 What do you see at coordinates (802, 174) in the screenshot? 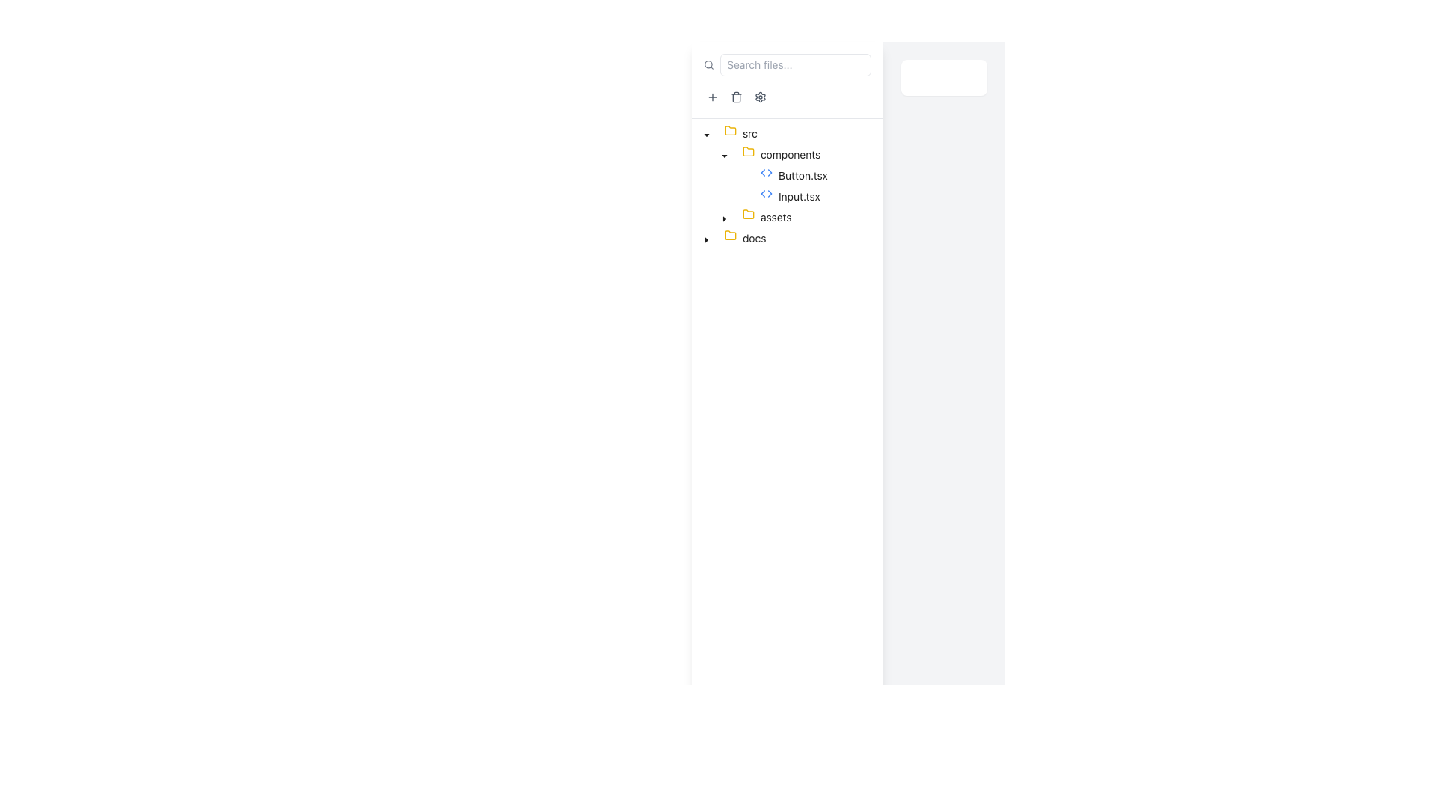
I see `the text label displaying 'Button.tsx' in the vertical file tree view` at bounding box center [802, 174].